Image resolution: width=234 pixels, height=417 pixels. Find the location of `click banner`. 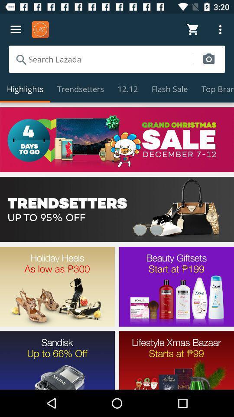

click banner is located at coordinates (117, 209).